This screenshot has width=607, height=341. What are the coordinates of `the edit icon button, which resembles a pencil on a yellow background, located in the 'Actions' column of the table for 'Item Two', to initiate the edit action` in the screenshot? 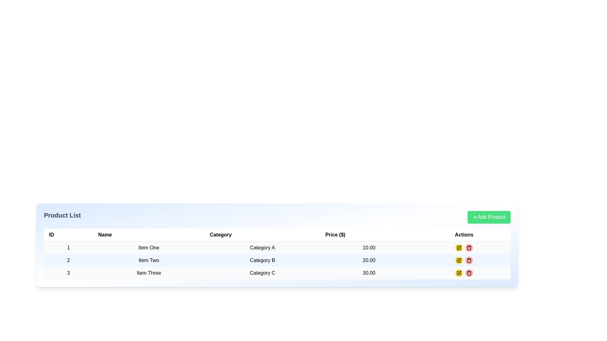 It's located at (459, 260).